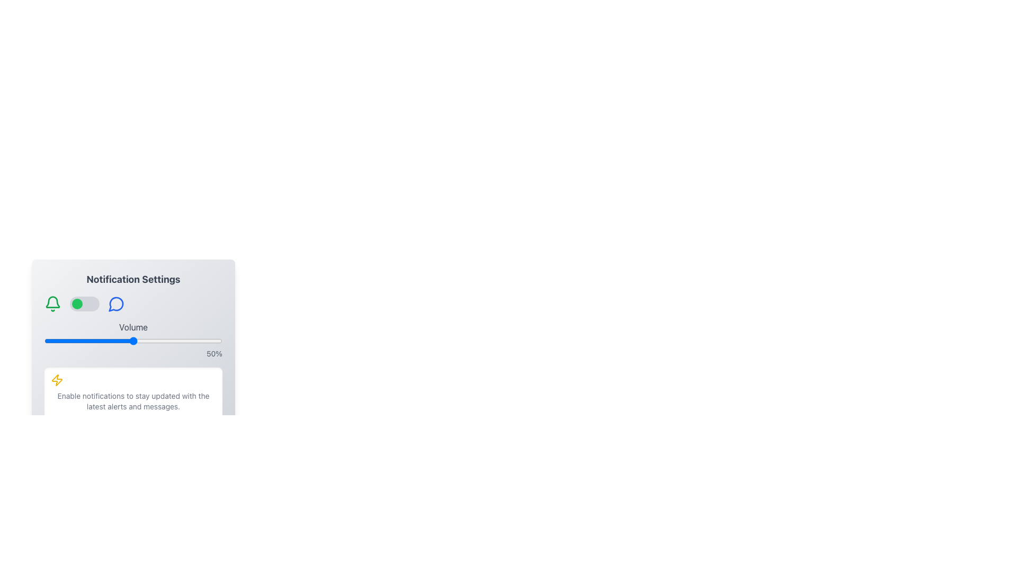  What do you see at coordinates (56, 341) in the screenshot?
I see `the volume` at bounding box center [56, 341].